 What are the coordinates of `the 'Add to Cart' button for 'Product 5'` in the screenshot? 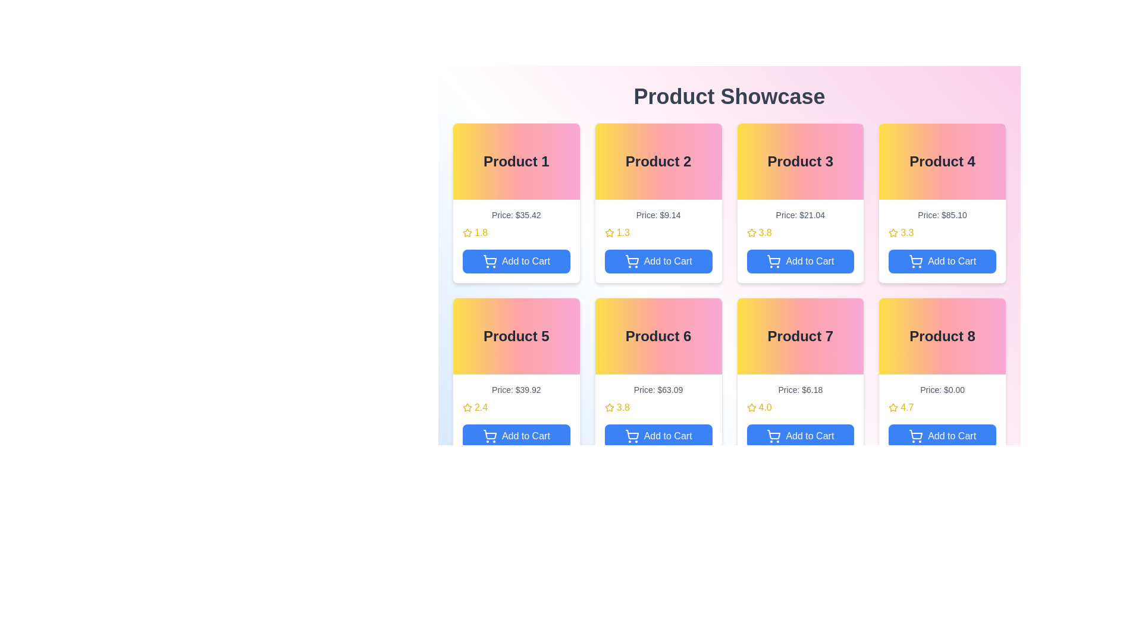 It's located at (516, 436).